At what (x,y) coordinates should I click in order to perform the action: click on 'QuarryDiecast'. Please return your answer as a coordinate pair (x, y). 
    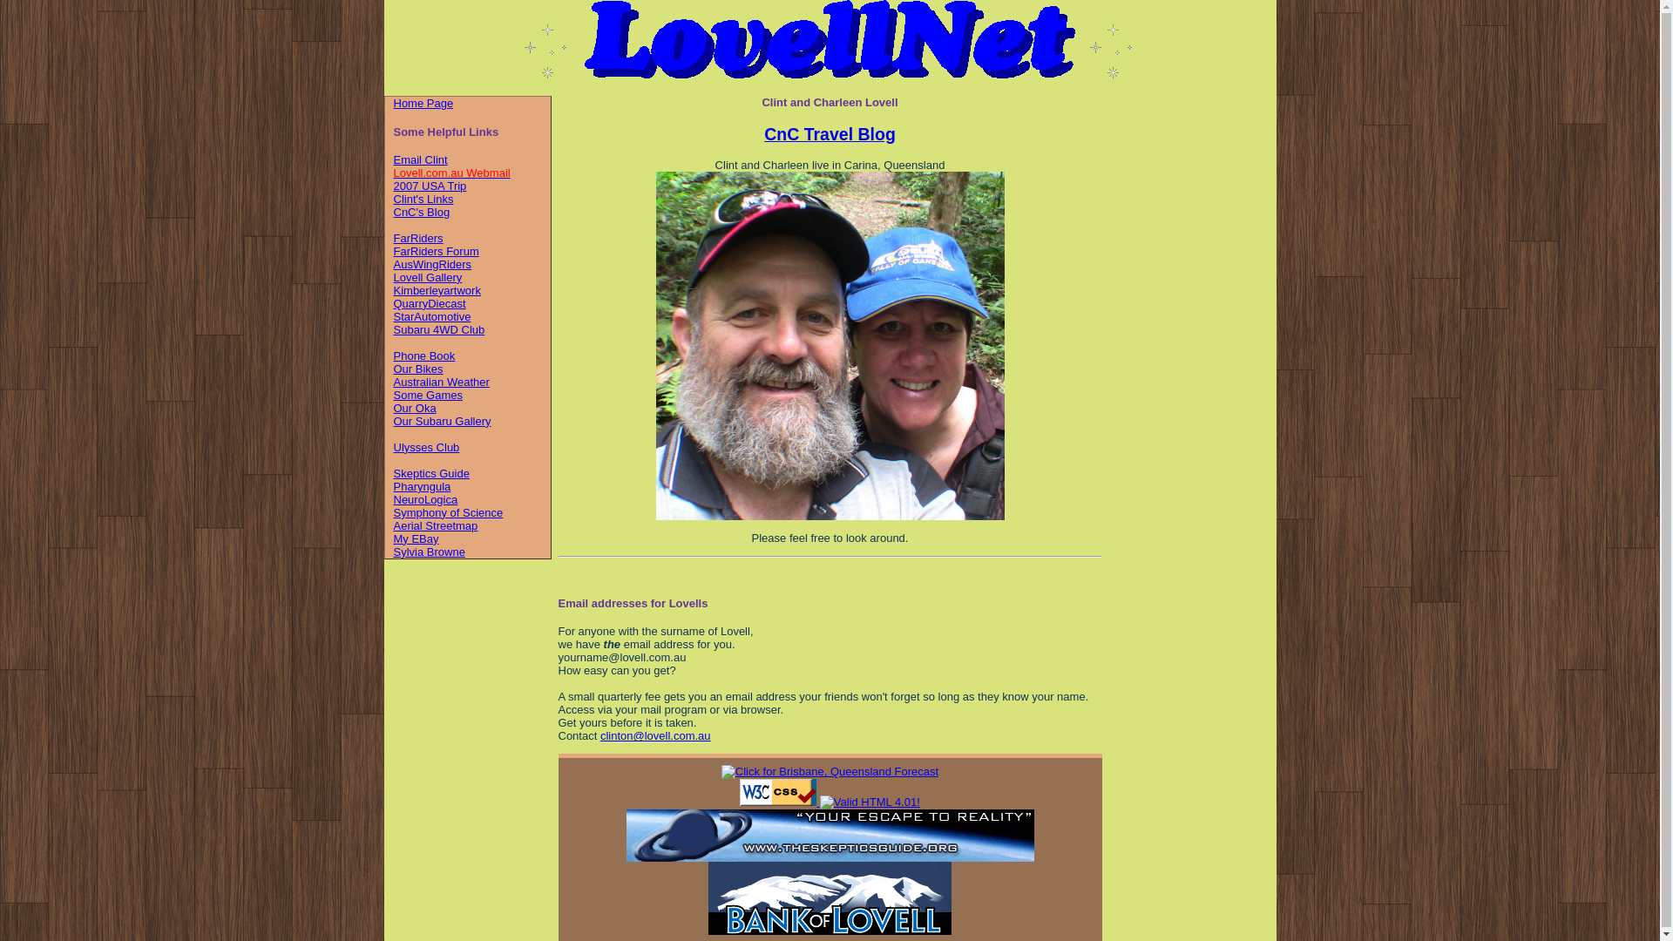
    Looking at the image, I should click on (430, 302).